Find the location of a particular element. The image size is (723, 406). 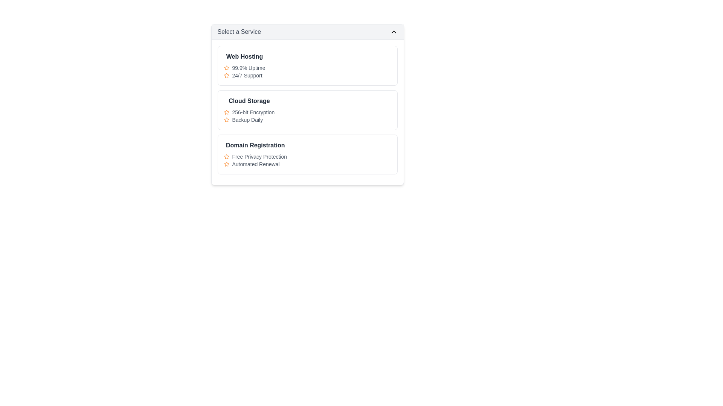

the visual icon representing the 'Cloud Storage' service, positioned to the left of the descriptive text in the second list item is located at coordinates (226, 119).